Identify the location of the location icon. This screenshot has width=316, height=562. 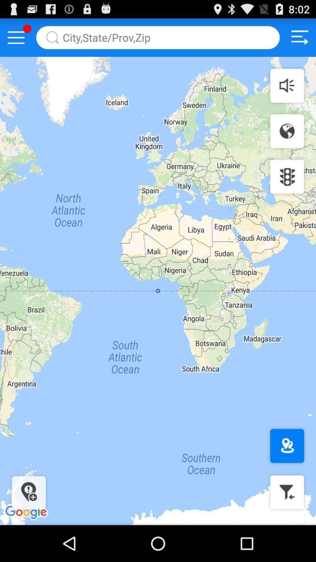
(287, 477).